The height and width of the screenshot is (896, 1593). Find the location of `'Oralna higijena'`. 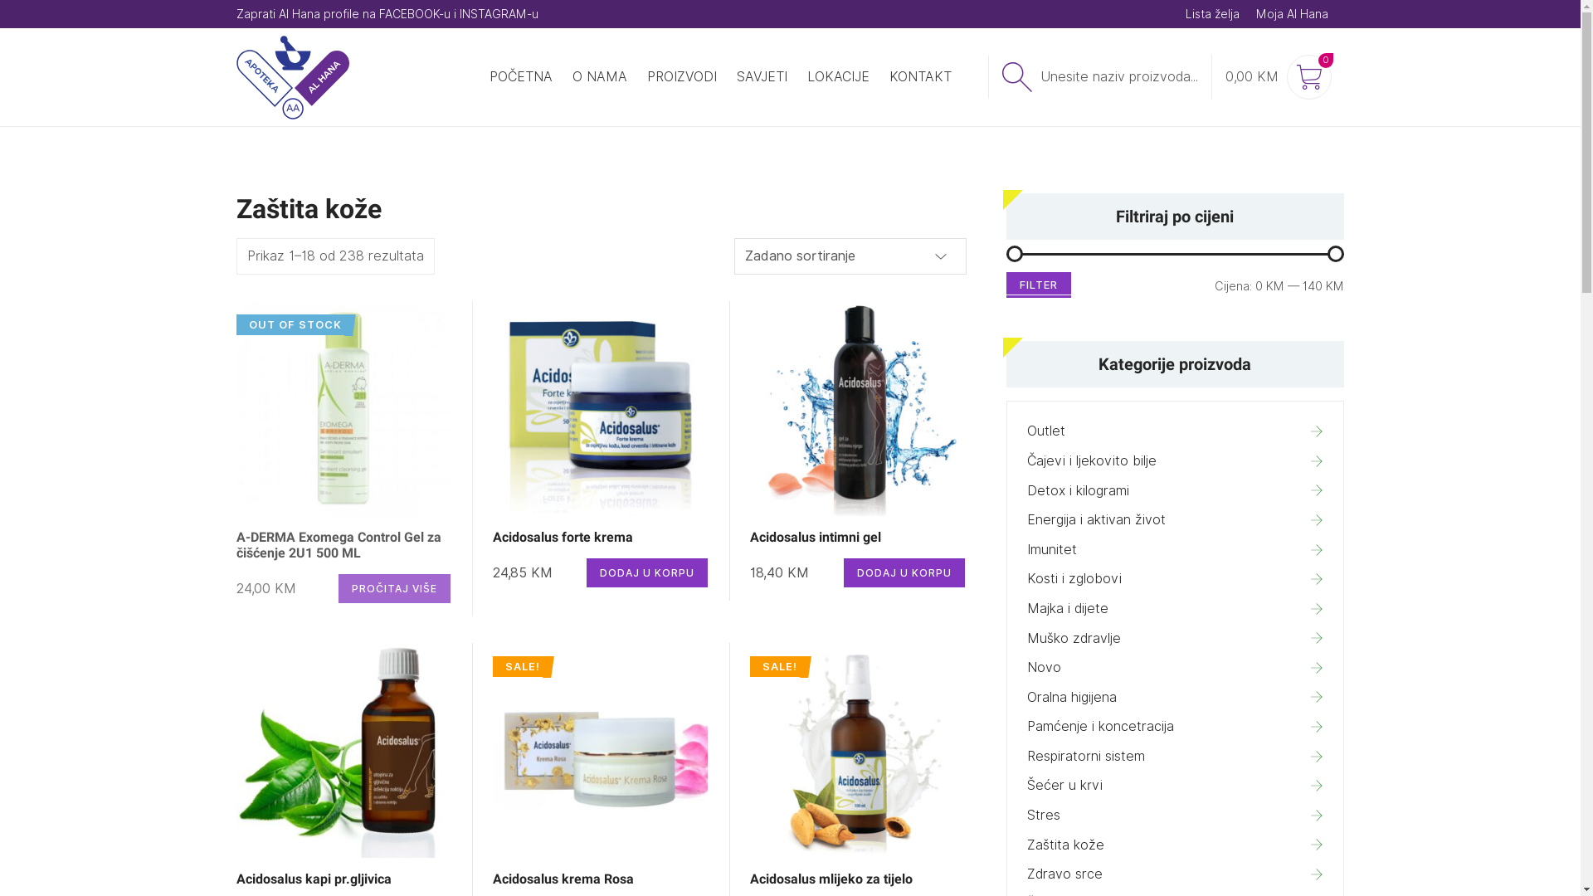

'Oralna higijena' is located at coordinates (1174, 697).